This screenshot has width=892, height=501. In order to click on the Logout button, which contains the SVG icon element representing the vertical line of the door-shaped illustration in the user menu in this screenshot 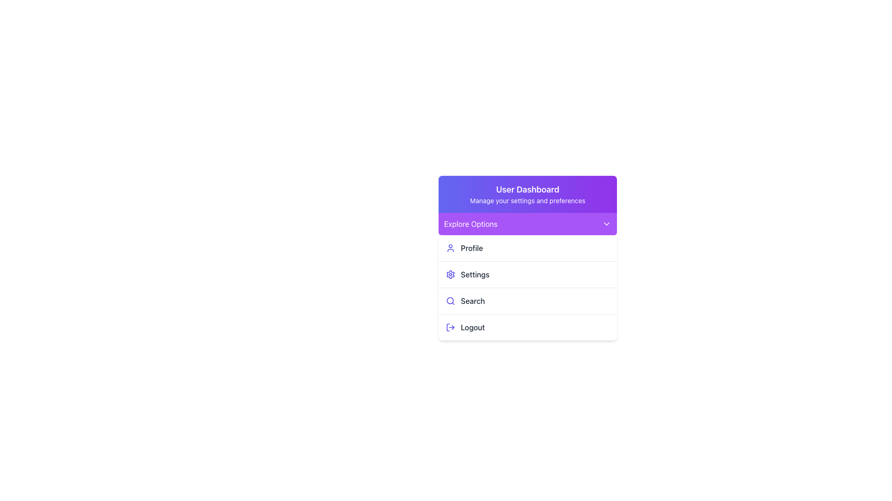, I will do `click(448, 327)`.